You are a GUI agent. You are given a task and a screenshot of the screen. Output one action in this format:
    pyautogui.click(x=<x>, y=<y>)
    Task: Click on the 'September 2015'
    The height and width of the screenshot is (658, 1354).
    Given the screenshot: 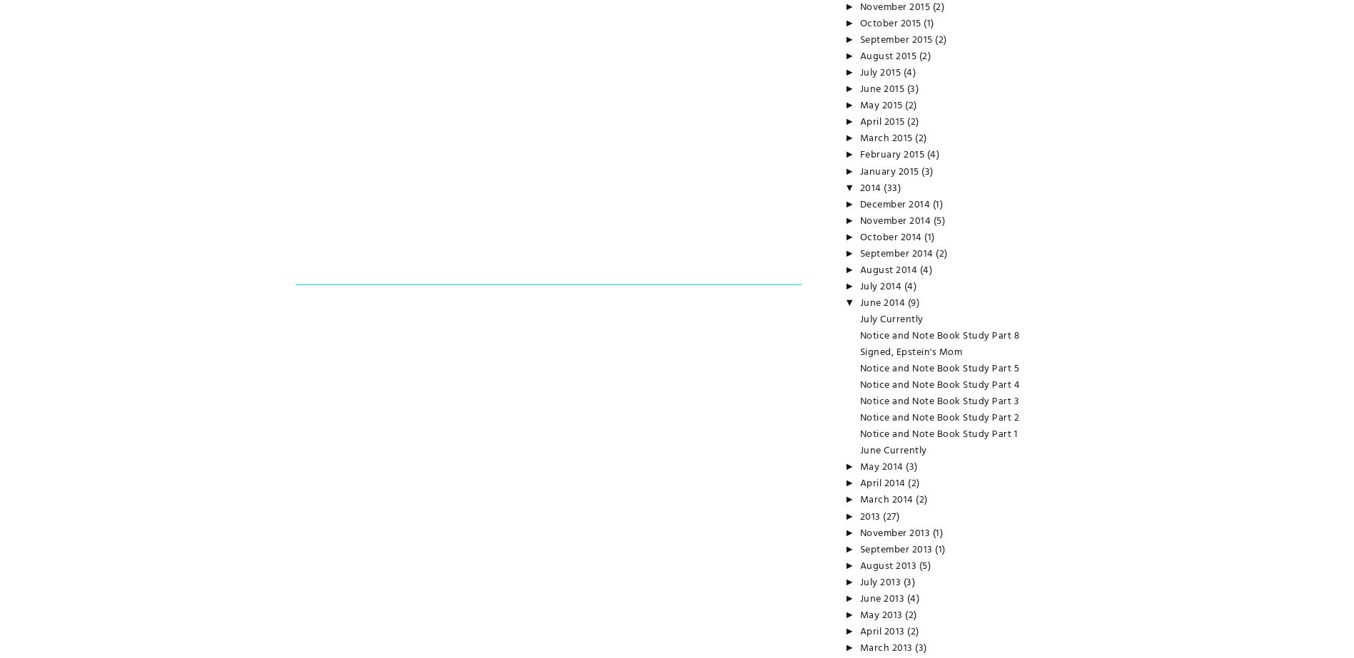 What is the action you would take?
    pyautogui.click(x=858, y=40)
    